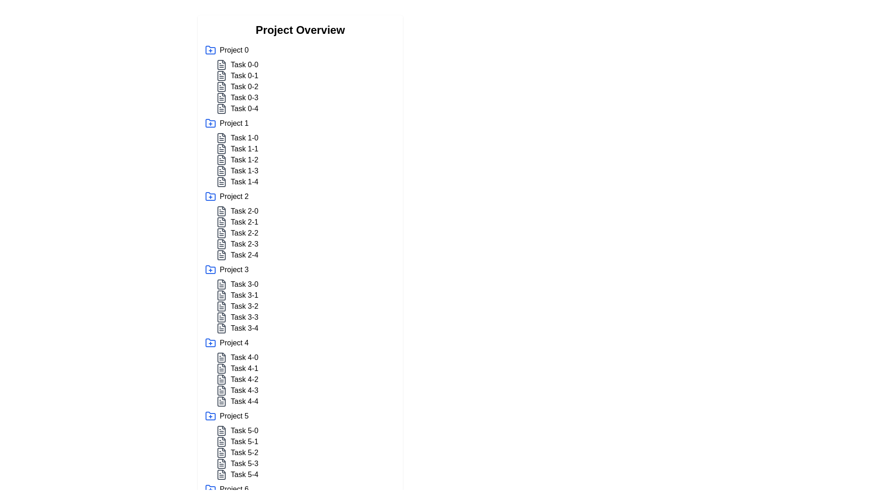 The width and height of the screenshot is (879, 494). What do you see at coordinates (222, 379) in the screenshot?
I see `the gray document icon that represents 'Task 4-2' in the project list, which is located beside the task text within the SVG structure` at bounding box center [222, 379].